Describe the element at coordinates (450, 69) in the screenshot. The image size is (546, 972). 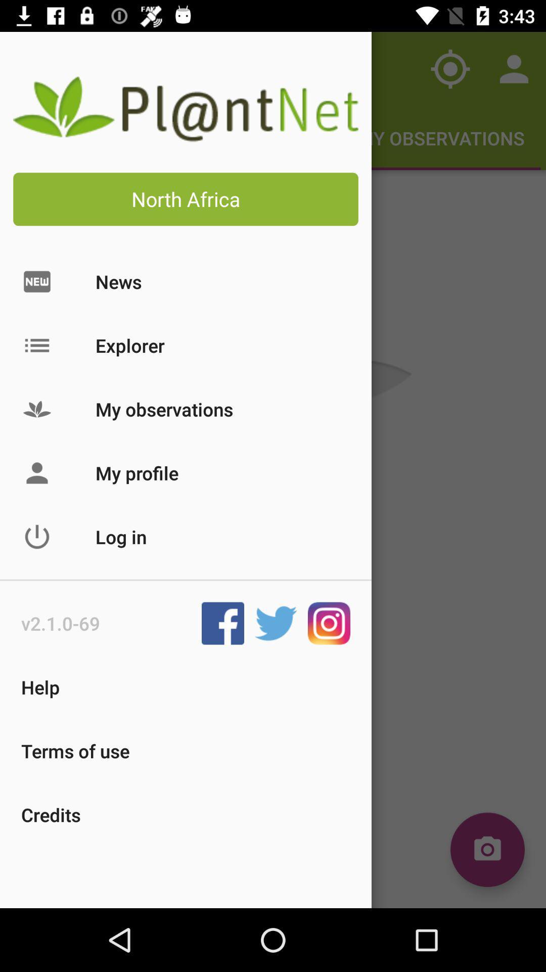
I see `the current location icon` at that location.